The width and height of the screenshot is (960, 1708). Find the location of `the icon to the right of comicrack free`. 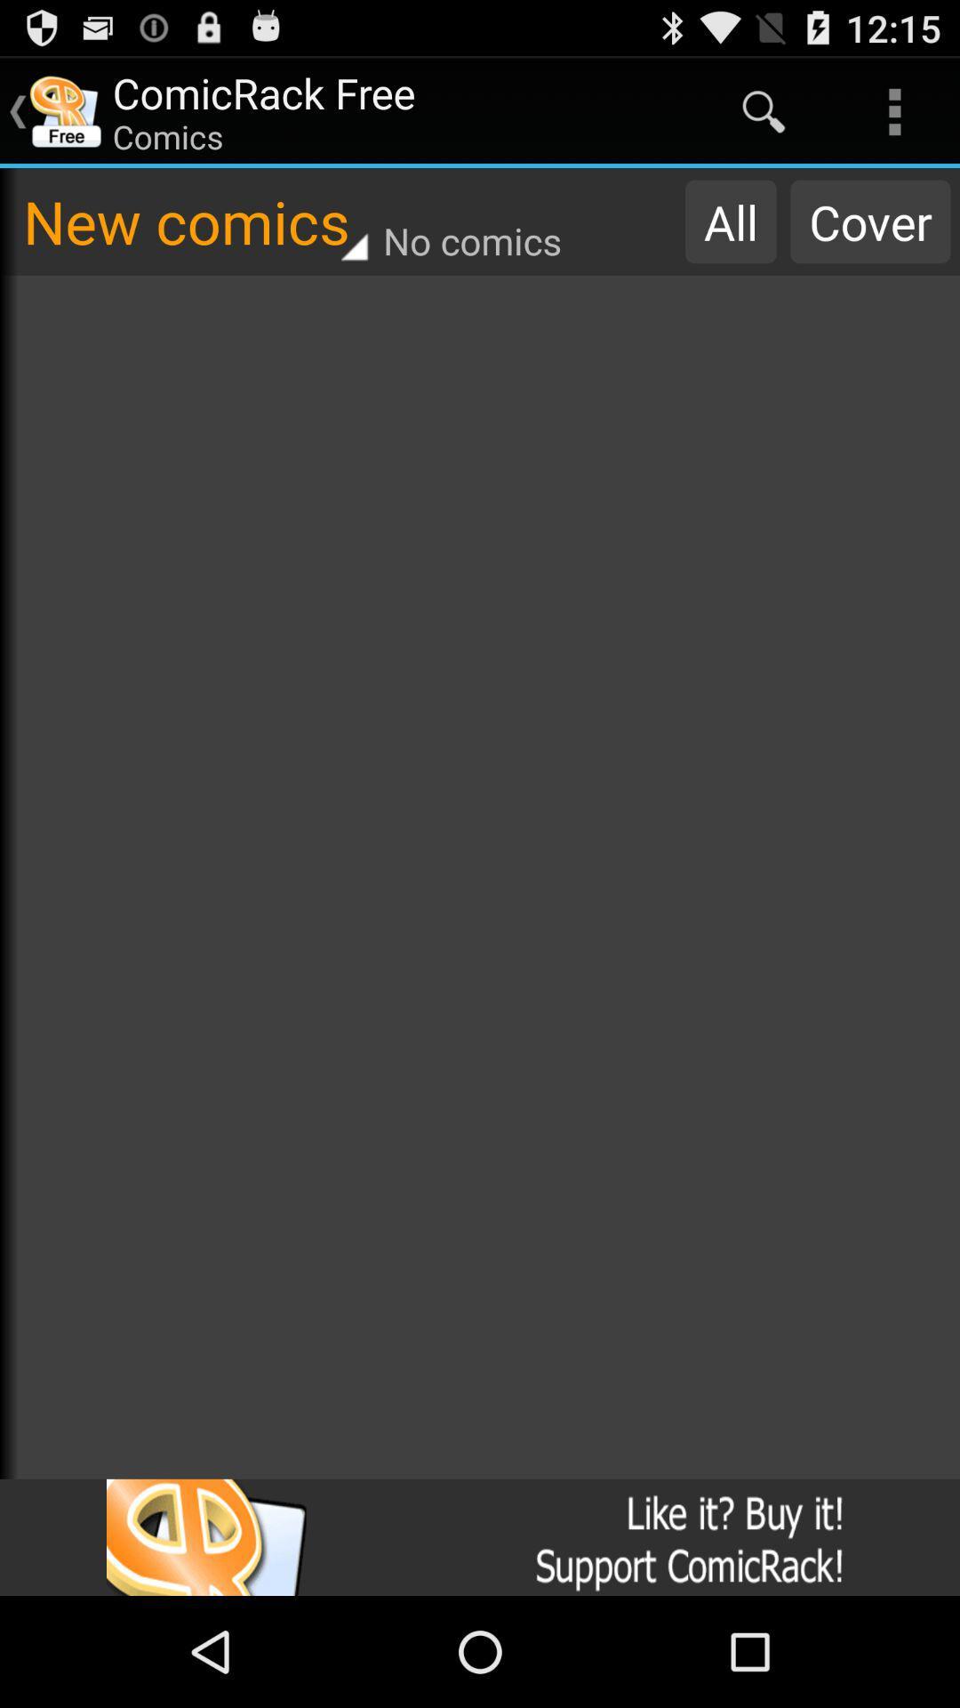

the icon to the right of comicrack free is located at coordinates (763, 110).